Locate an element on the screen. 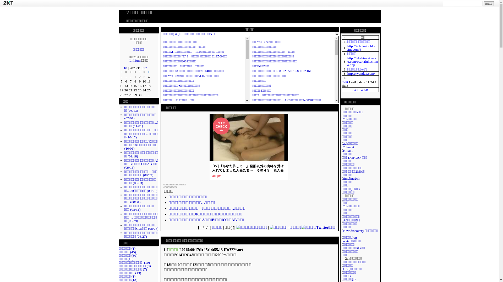  'R-navi' is located at coordinates (347, 150).